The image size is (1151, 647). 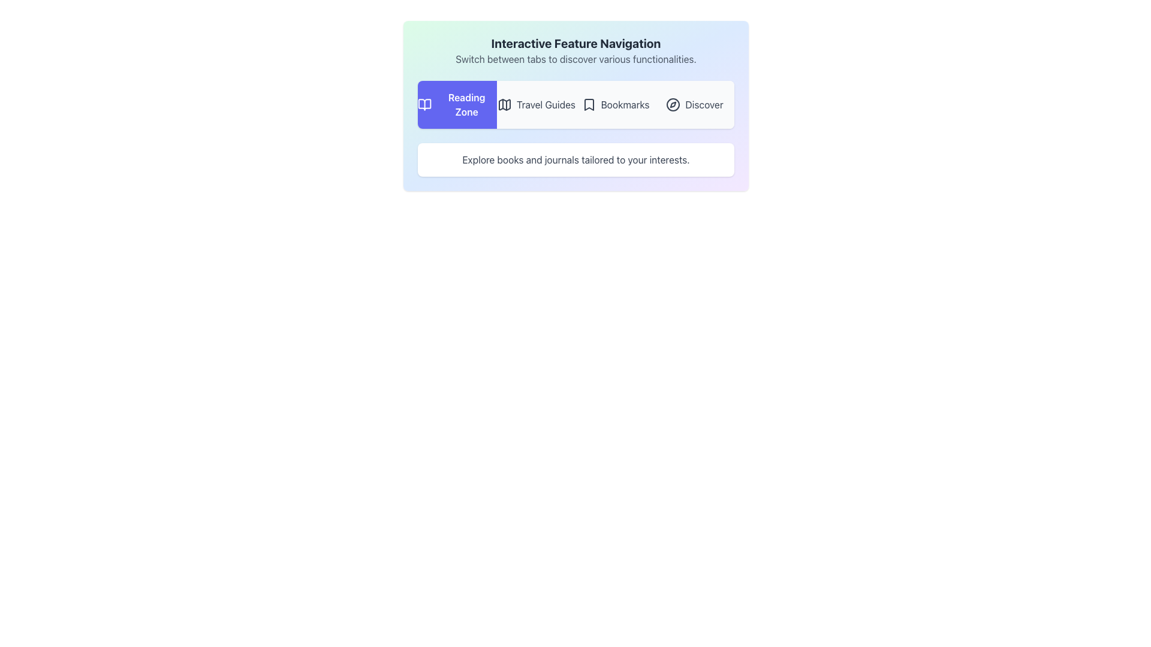 I want to click on the 'Bookmarks' icon in the horizontal navigation menu, which is positioned between 'Travel Guides' and 'Discover', so click(x=589, y=104).